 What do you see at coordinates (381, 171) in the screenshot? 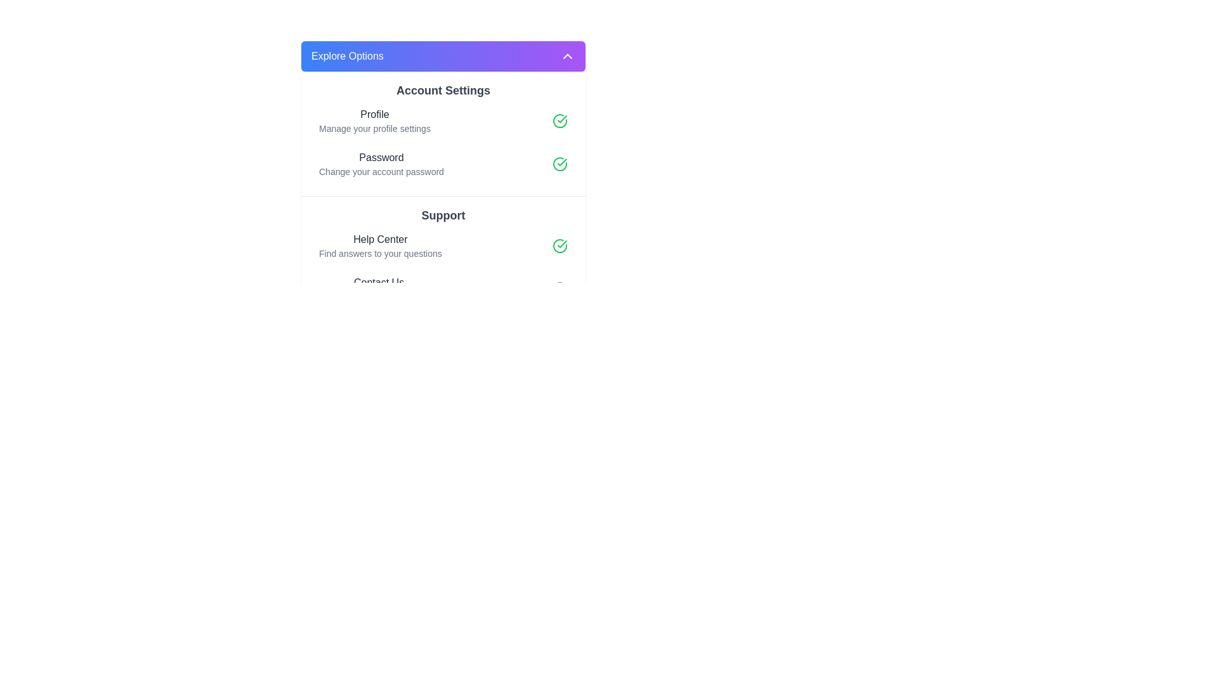
I see `the descriptive text element located beneath the 'Password' label in the 'Account Settings' section, which provides information about changing the account password` at bounding box center [381, 171].